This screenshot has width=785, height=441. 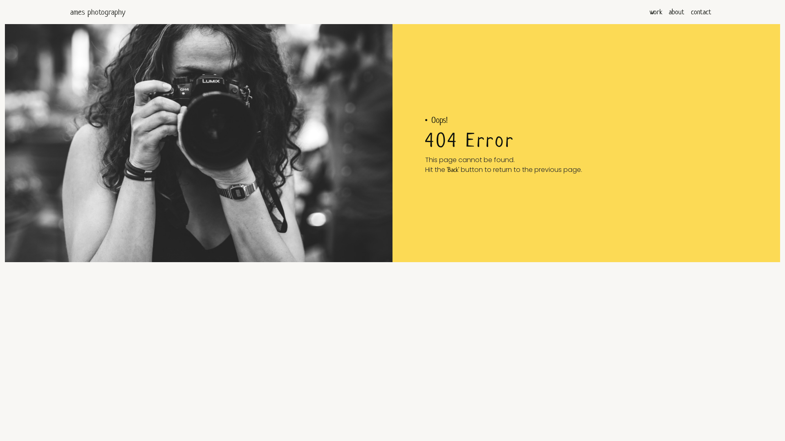 I want to click on ''Back'', so click(x=453, y=169).